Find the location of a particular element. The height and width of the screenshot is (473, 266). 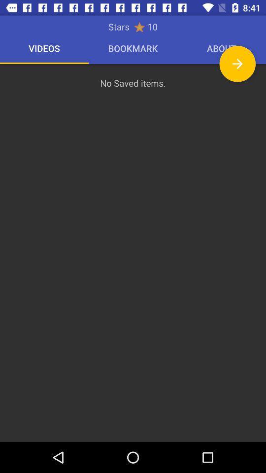

the icon next to the bookmark icon is located at coordinates (237, 63).